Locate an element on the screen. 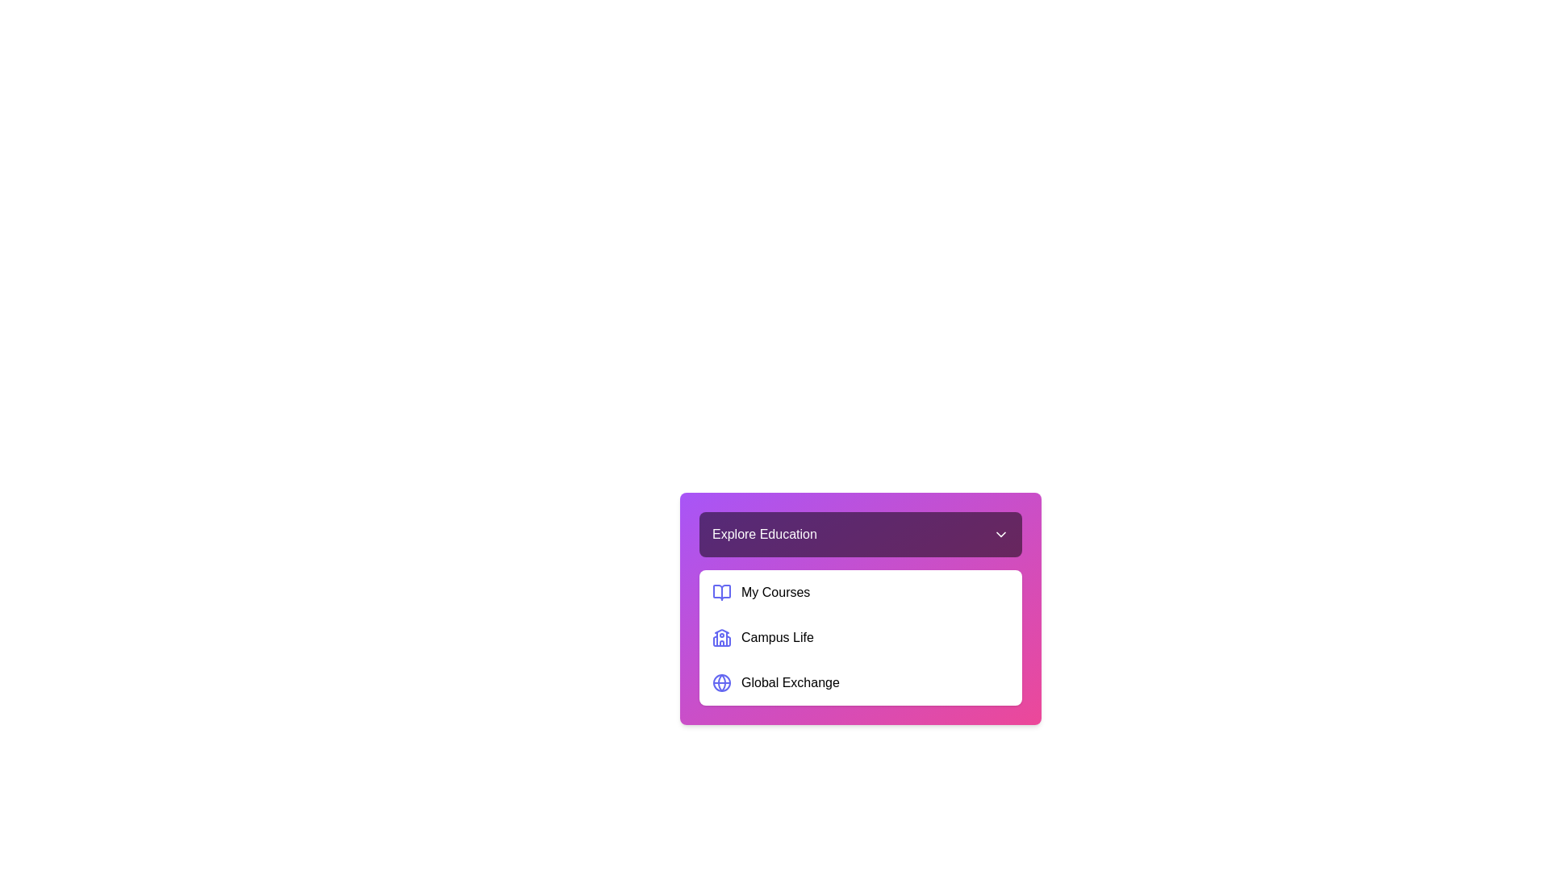  the right-hand page of the open book icon is located at coordinates (720, 593).